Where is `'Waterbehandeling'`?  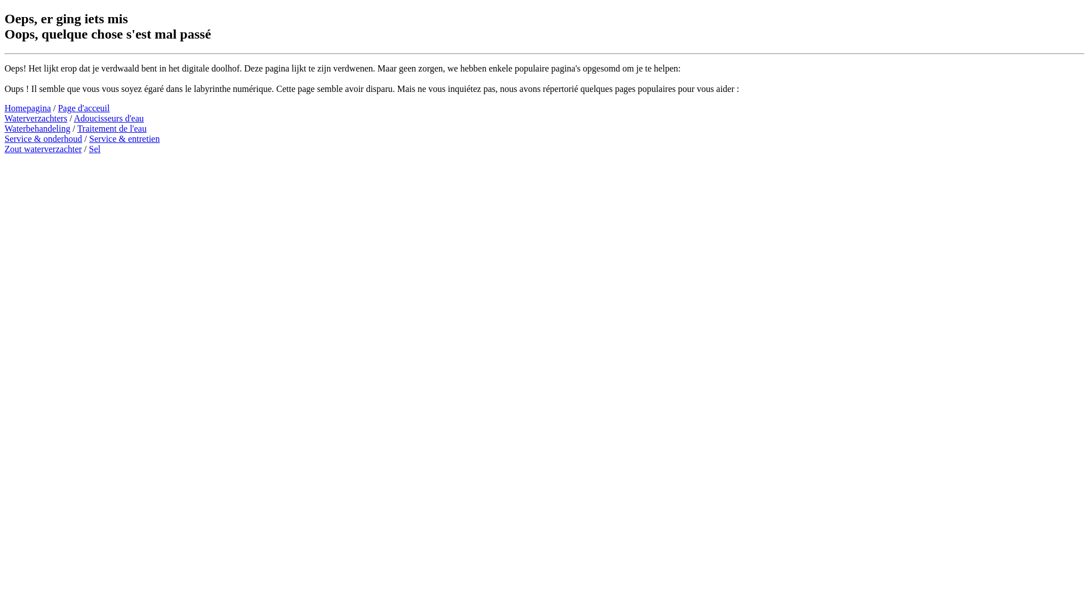 'Waterbehandeling' is located at coordinates (37, 128).